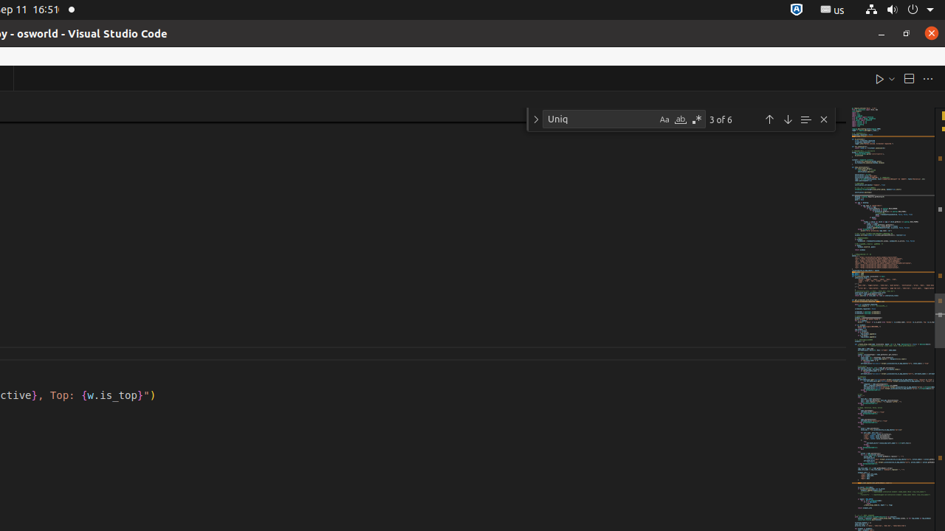  I want to click on 'Run Python File', so click(879, 78).